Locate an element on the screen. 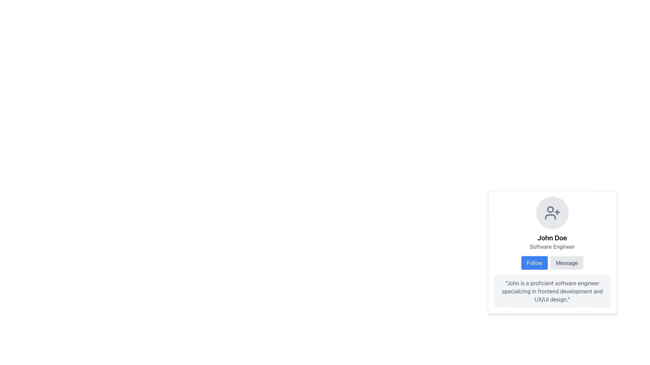  the messaging button located immediately to the right of the 'Follow' button within the profile card to initiate a messaging action is located at coordinates (567, 263).